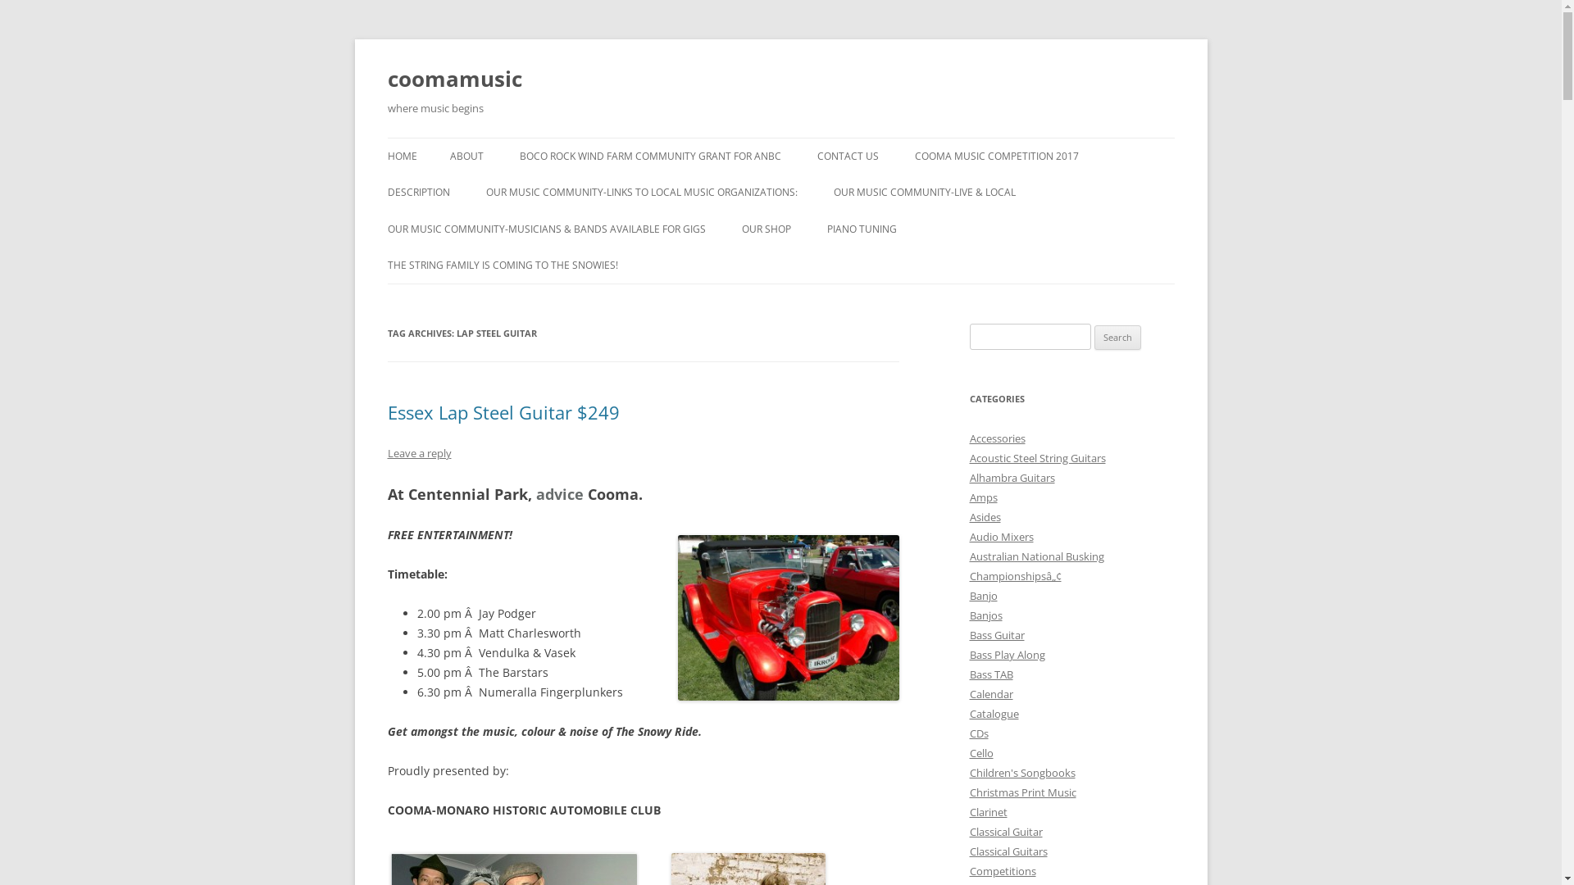 This screenshot has width=1574, height=885. I want to click on 'Clarinet', so click(986, 812).